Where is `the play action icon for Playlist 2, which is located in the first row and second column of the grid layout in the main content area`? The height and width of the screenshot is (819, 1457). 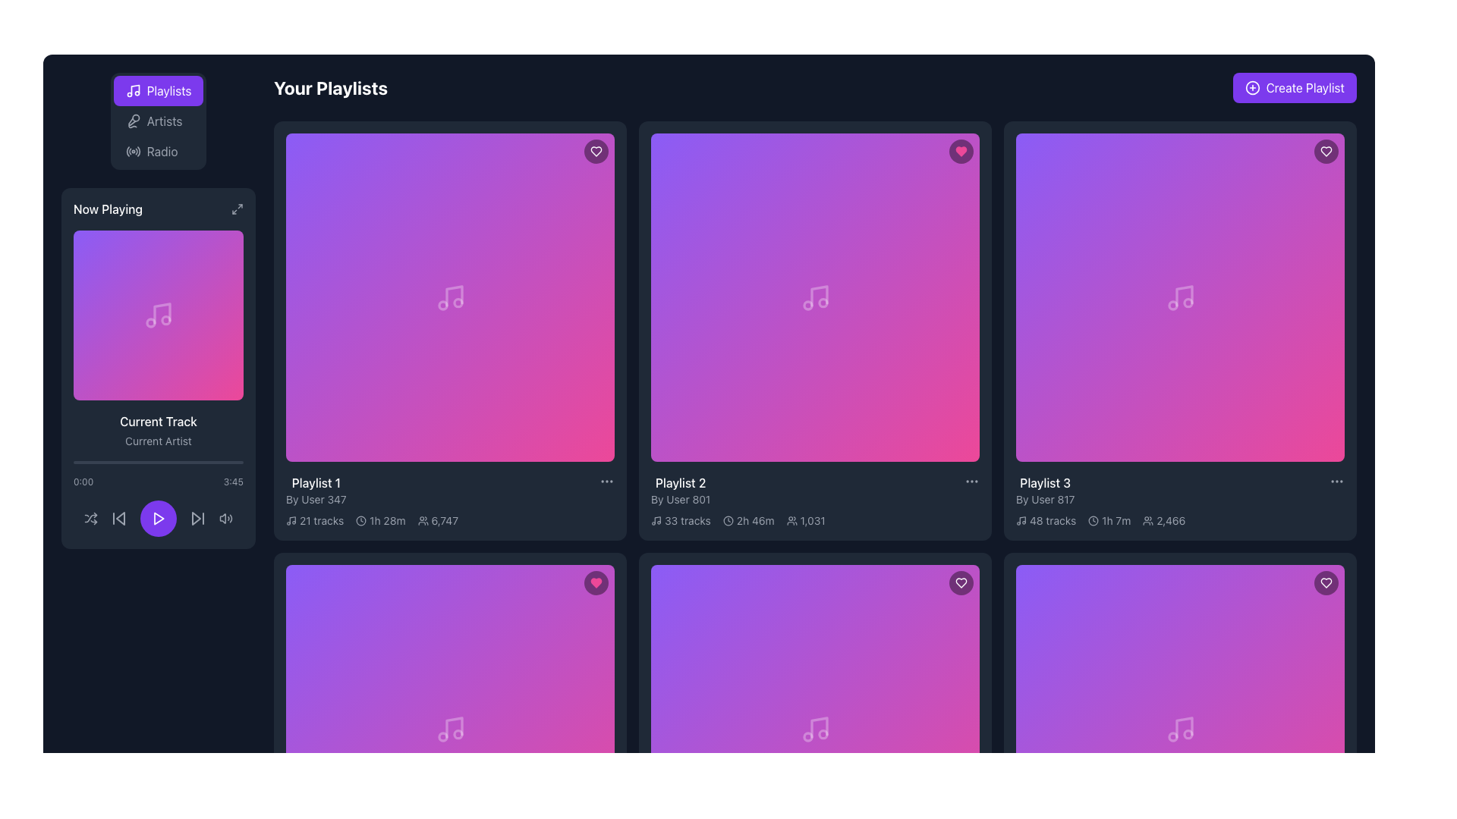 the play action icon for Playlist 2, which is located in the first row and second column of the grid layout in the main content area is located at coordinates (815, 297).